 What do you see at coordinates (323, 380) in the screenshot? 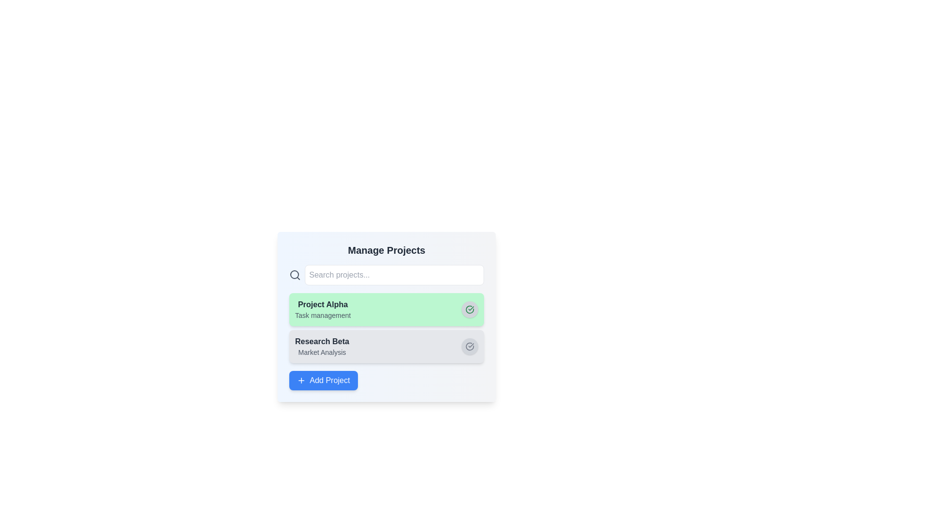
I see `the 'Add Project' button to add a new project` at bounding box center [323, 380].